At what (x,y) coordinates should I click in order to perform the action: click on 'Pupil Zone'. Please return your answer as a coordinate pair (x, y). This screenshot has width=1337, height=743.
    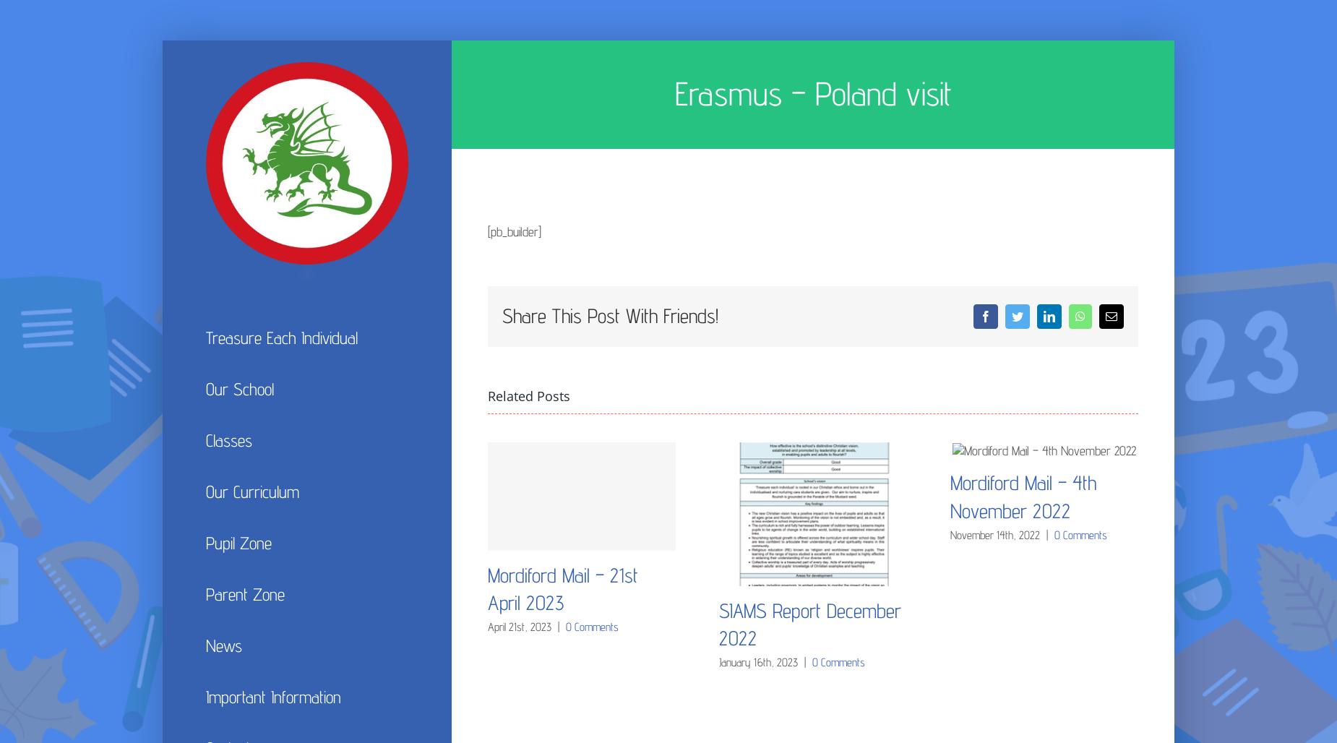
    Looking at the image, I should click on (238, 541).